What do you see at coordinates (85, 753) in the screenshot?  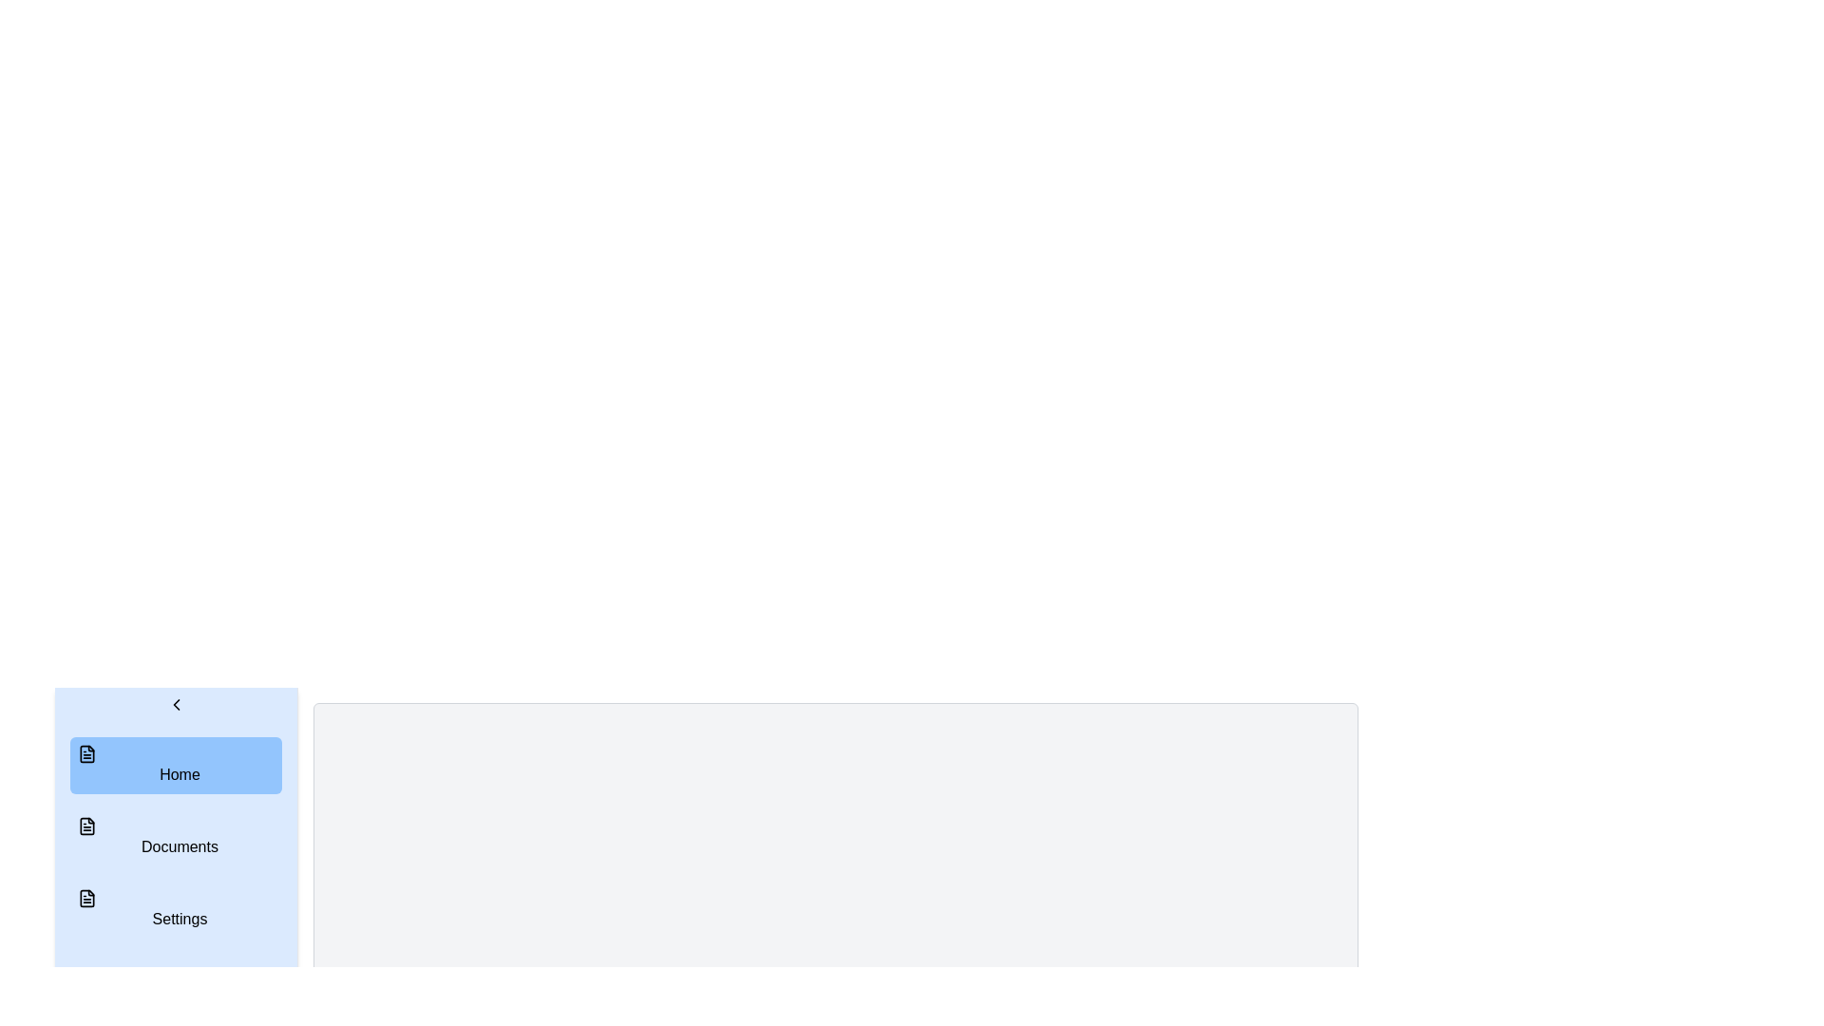 I see `the 'Home' icon in the left-hand navigation menu which serves as a clickable indicator for the homepage` at bounding box center [85, 753].